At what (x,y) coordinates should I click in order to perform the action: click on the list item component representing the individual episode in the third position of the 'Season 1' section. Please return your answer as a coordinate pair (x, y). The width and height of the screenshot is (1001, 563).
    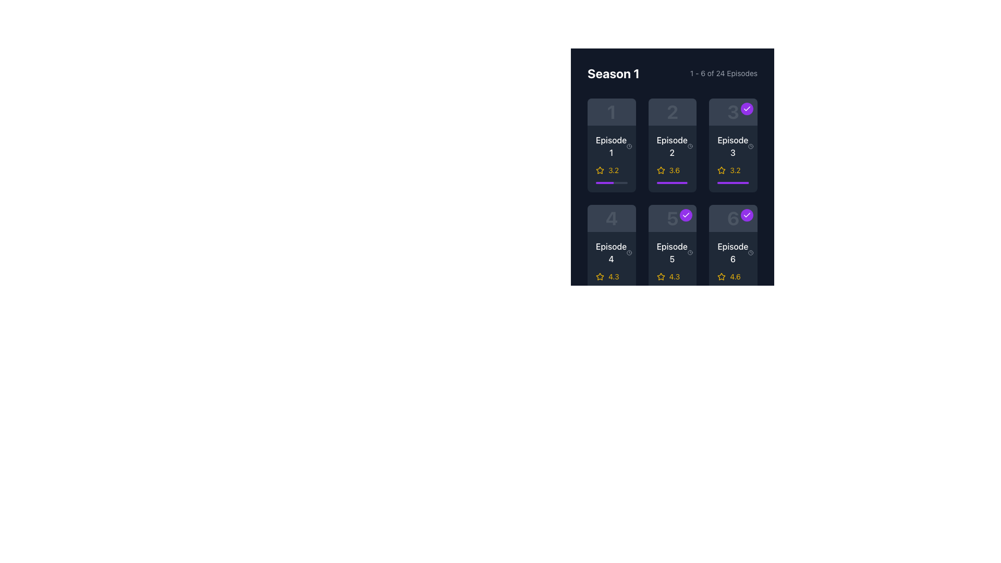
    Looking at the image, I should click on (733, 159).